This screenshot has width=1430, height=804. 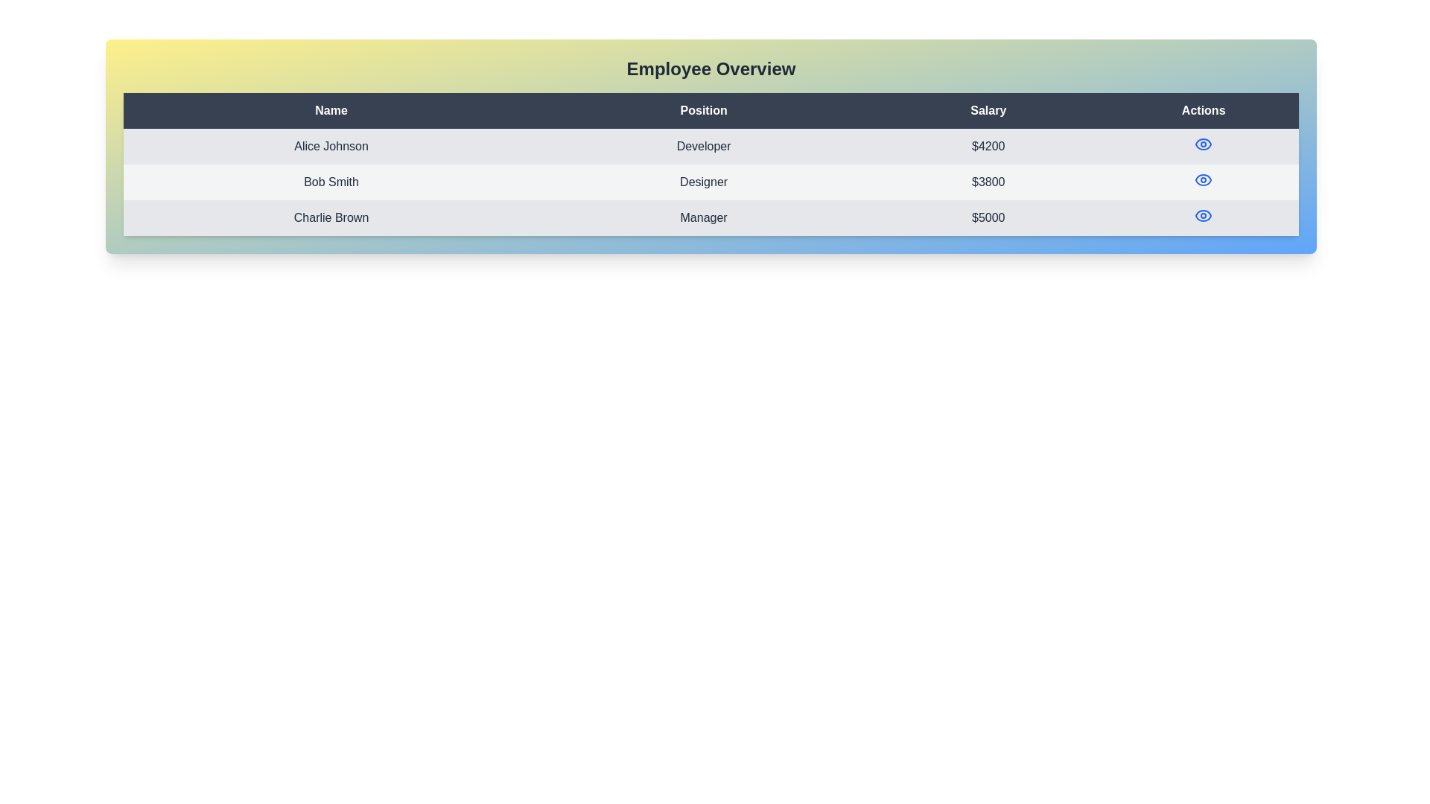 I want to click on the blue-colored eye icon button located in the 'Actions' column of the row labeled 'Alice Johnson', so click(x=1204, y=146).